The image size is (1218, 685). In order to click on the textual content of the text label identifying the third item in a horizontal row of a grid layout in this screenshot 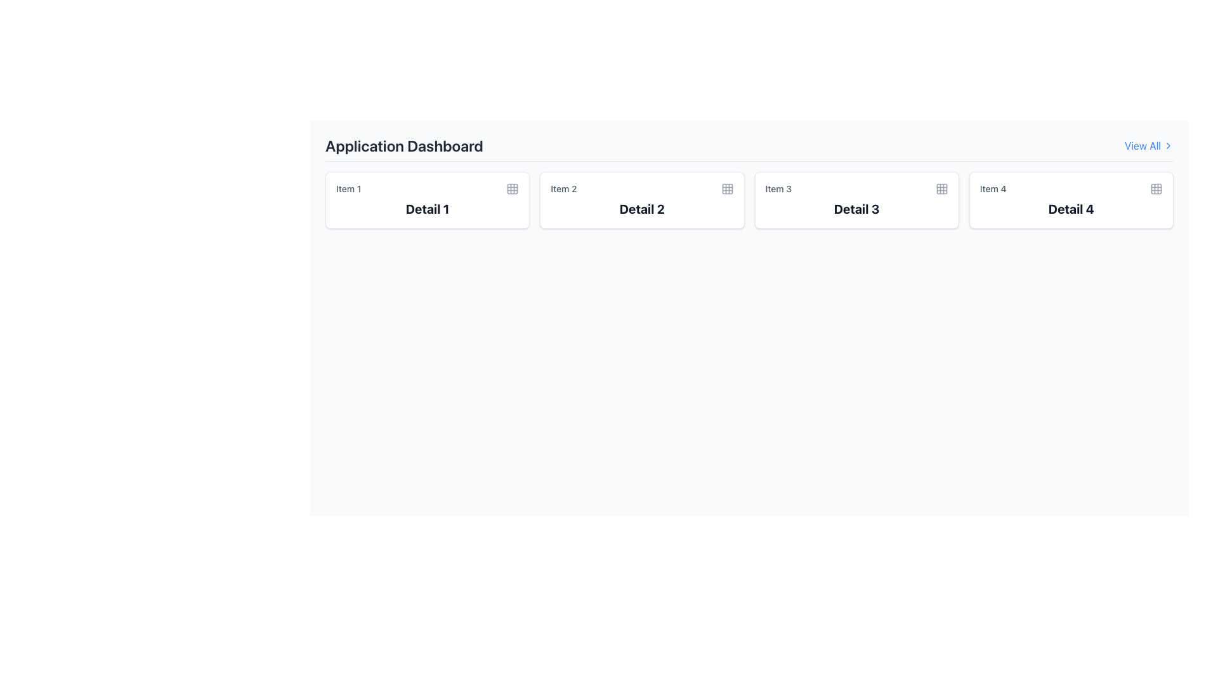, I will do `click(778, 188)`.